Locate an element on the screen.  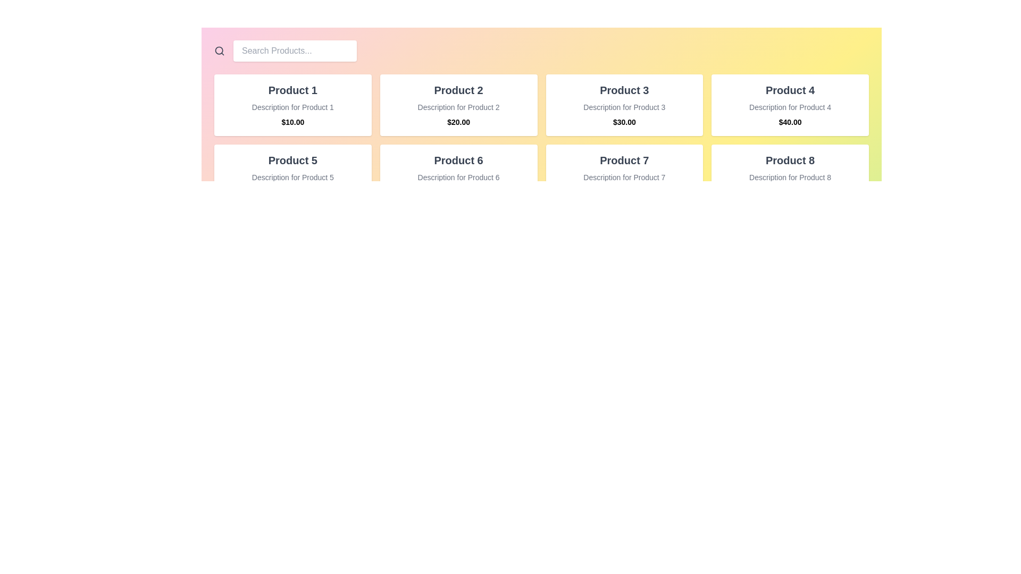
the text label that reads 'Description for Product 4', which is styled with a small font size and muted gray color, located beneath the product title 'Product 4' and above the price '$40.00' in the fourth card of a grid layout is located at coordinates (790, 107).